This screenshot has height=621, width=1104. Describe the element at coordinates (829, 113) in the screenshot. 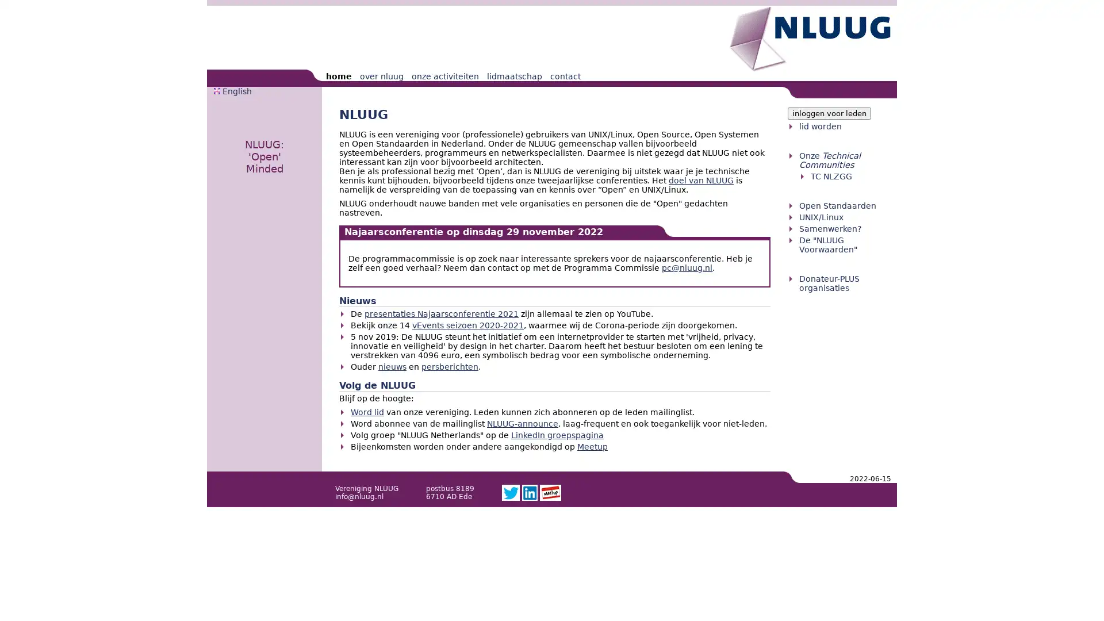

I see `inloggen voor leden` at that location.